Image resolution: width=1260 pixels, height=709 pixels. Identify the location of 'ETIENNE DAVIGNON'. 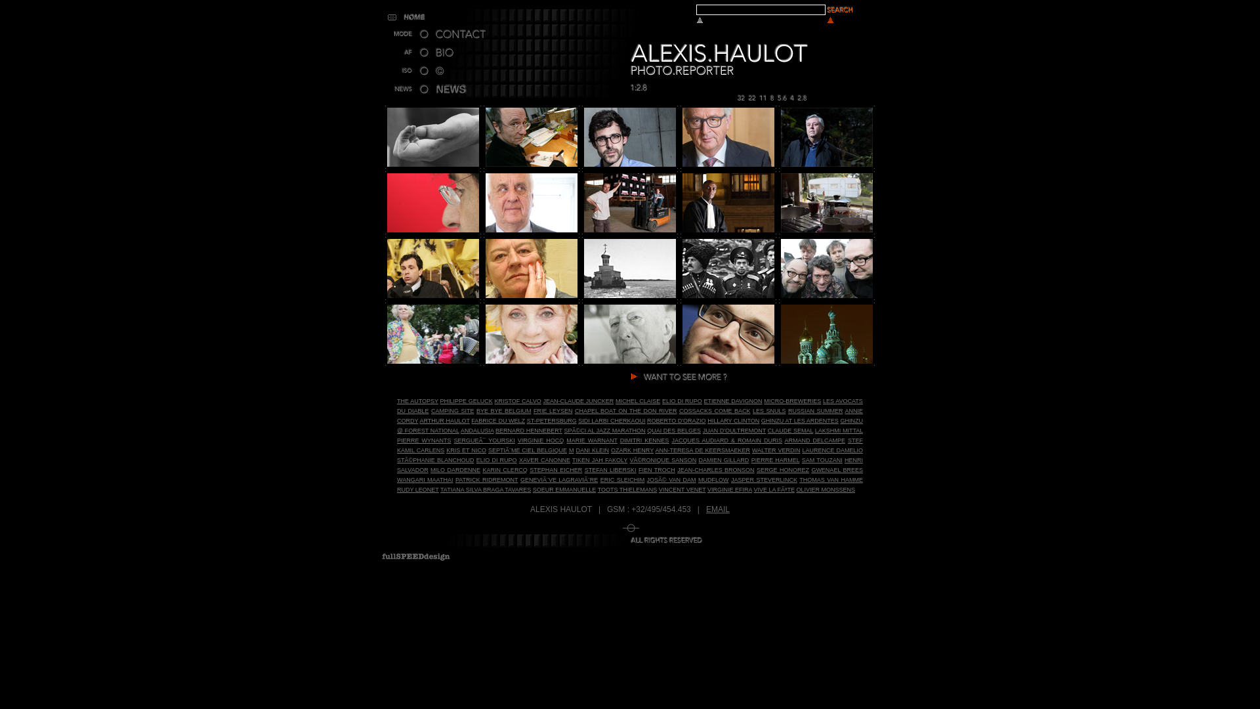
(732, 400).